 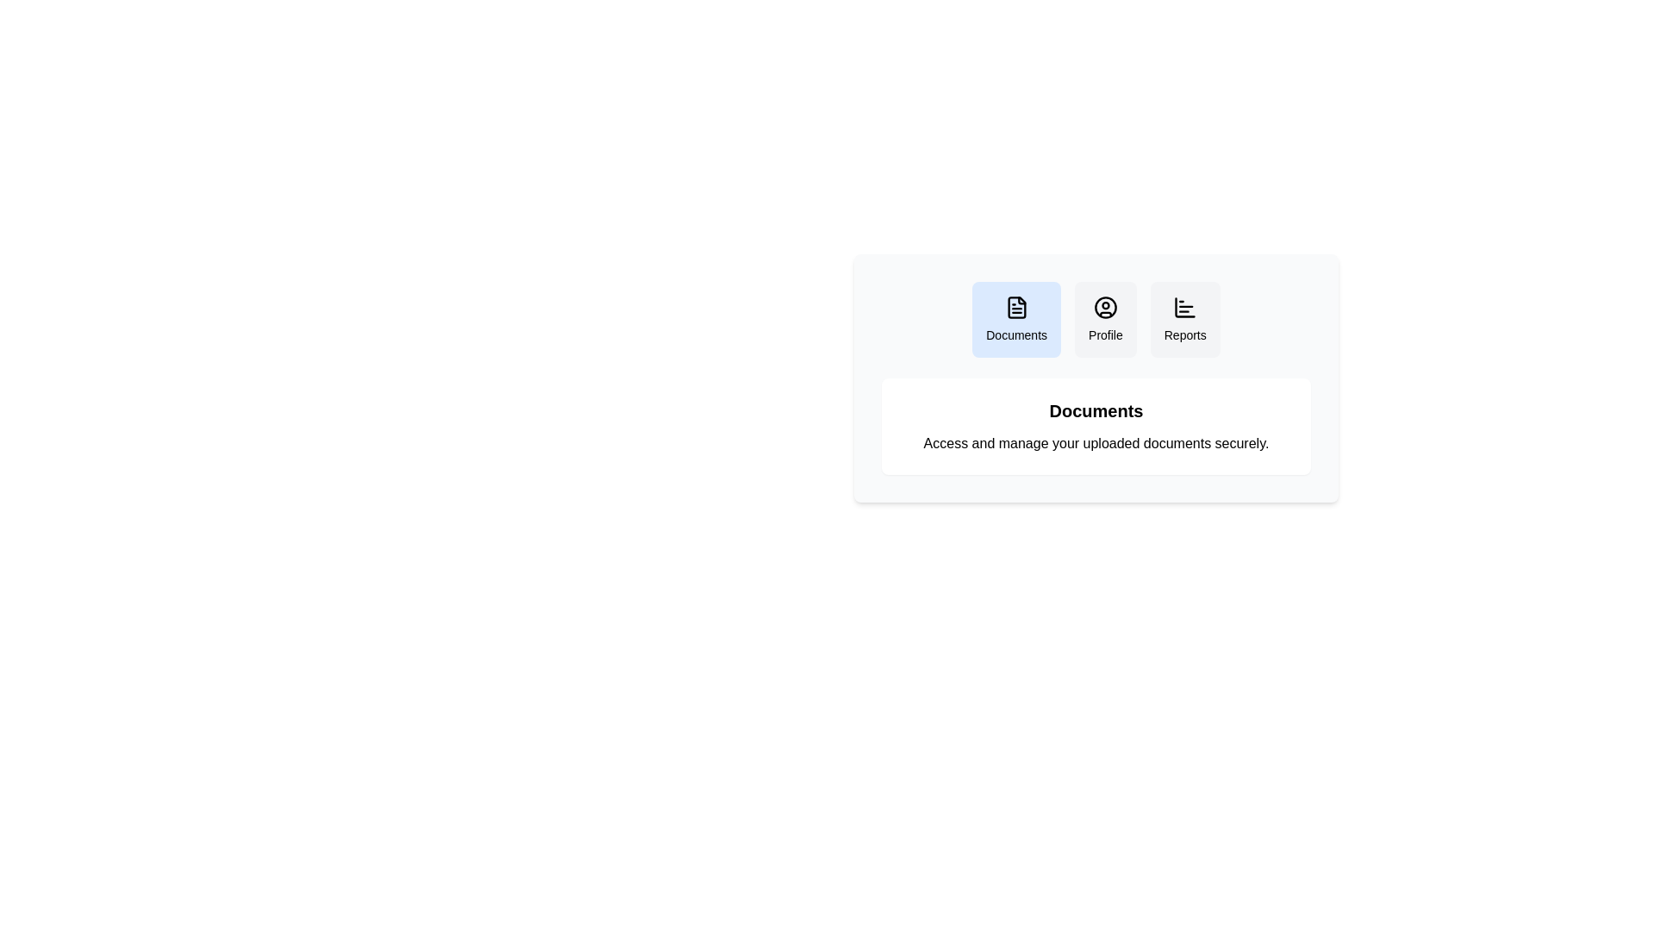 I want to click on the Documents tab, so click(x=1016, y=319).